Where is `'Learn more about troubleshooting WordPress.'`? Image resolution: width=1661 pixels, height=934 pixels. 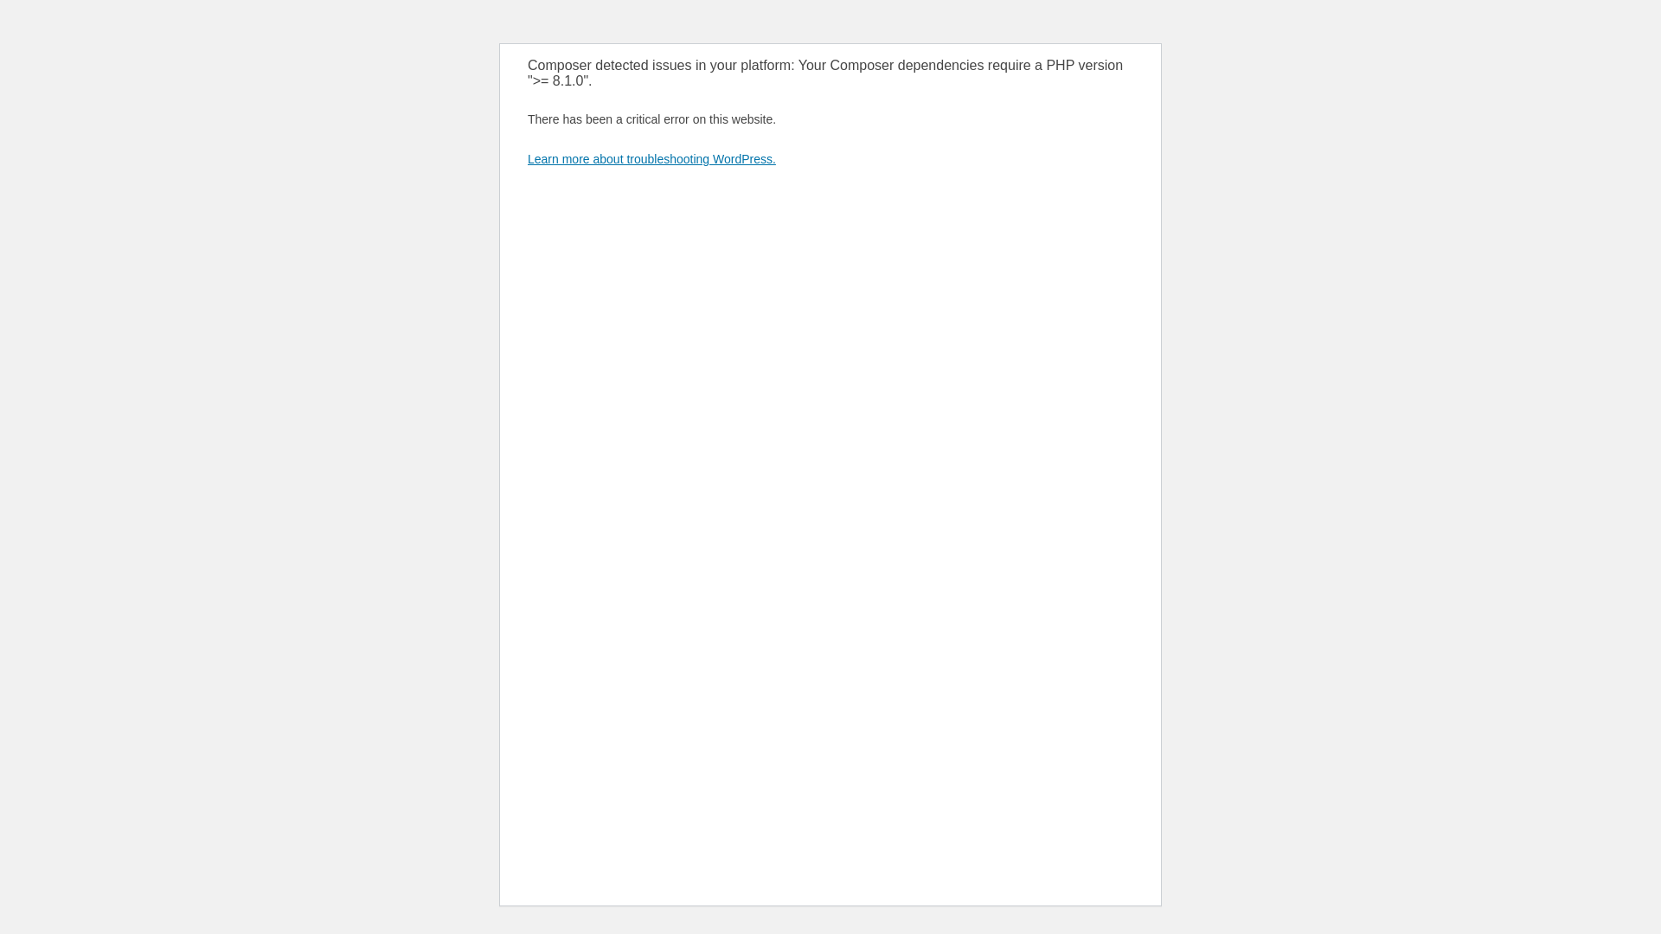
'Learn more about troubleshooting WordPress.' is located at coordinates (651, 159).